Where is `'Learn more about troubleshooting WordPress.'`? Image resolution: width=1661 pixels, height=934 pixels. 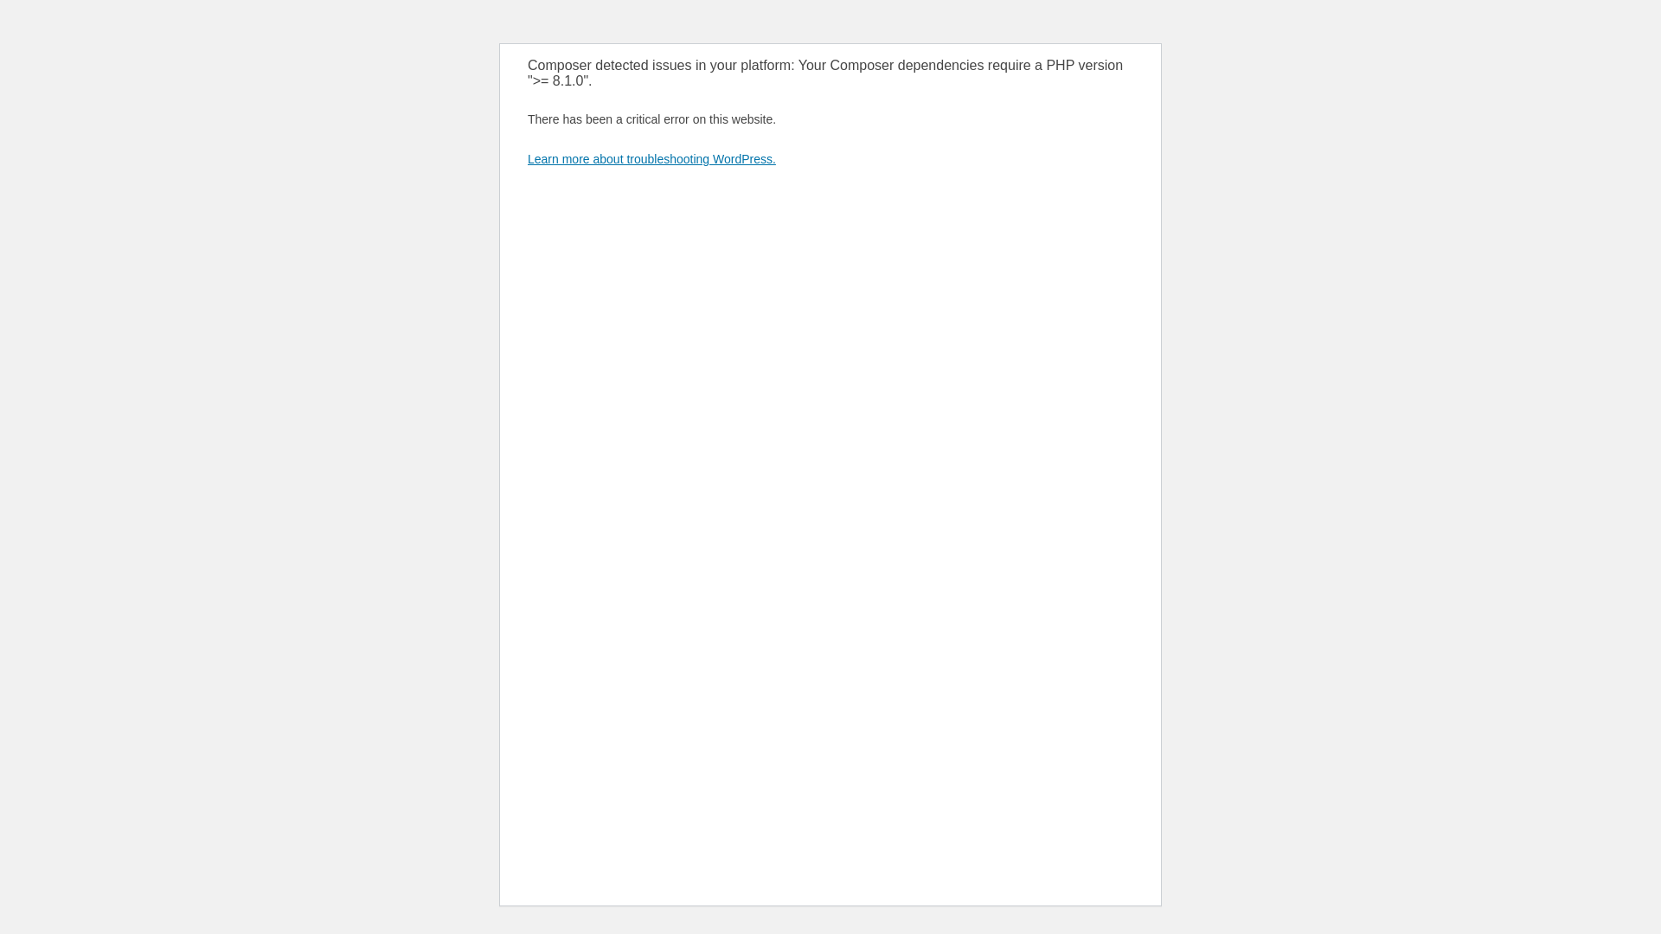
'Learn more about troubleshooting WordPress.' is located at coordinates (651, 159).